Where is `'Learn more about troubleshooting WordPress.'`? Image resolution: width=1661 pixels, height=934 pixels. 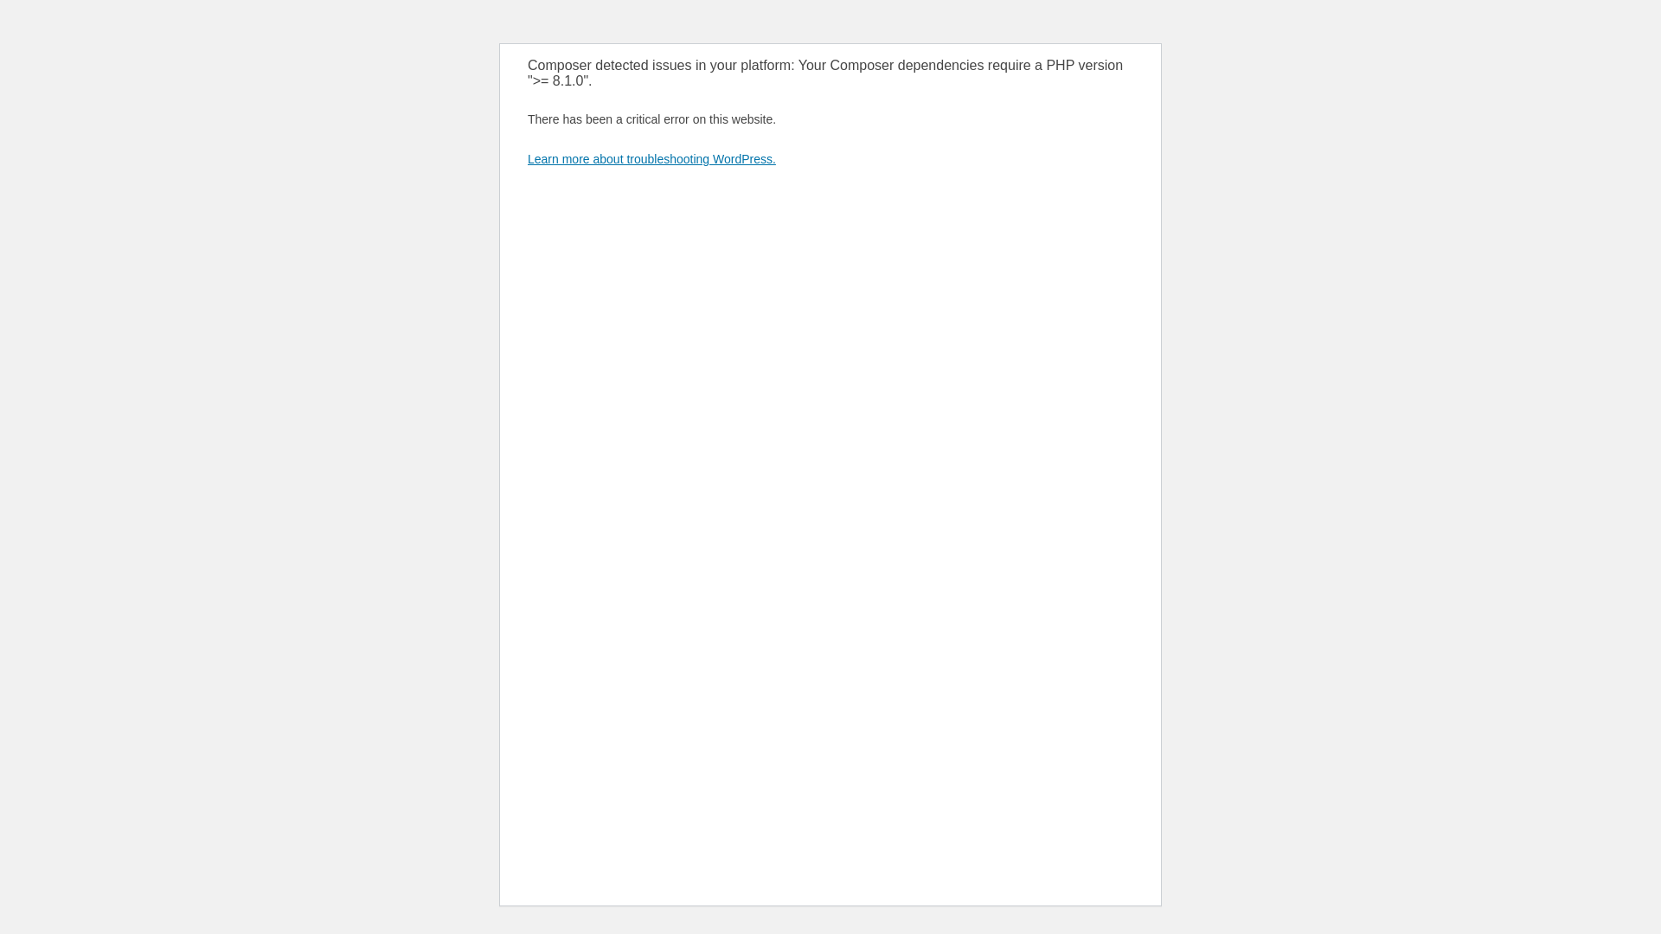
'Learn more about troubleshooting WordPress.' is located at coordinates (651, 159).